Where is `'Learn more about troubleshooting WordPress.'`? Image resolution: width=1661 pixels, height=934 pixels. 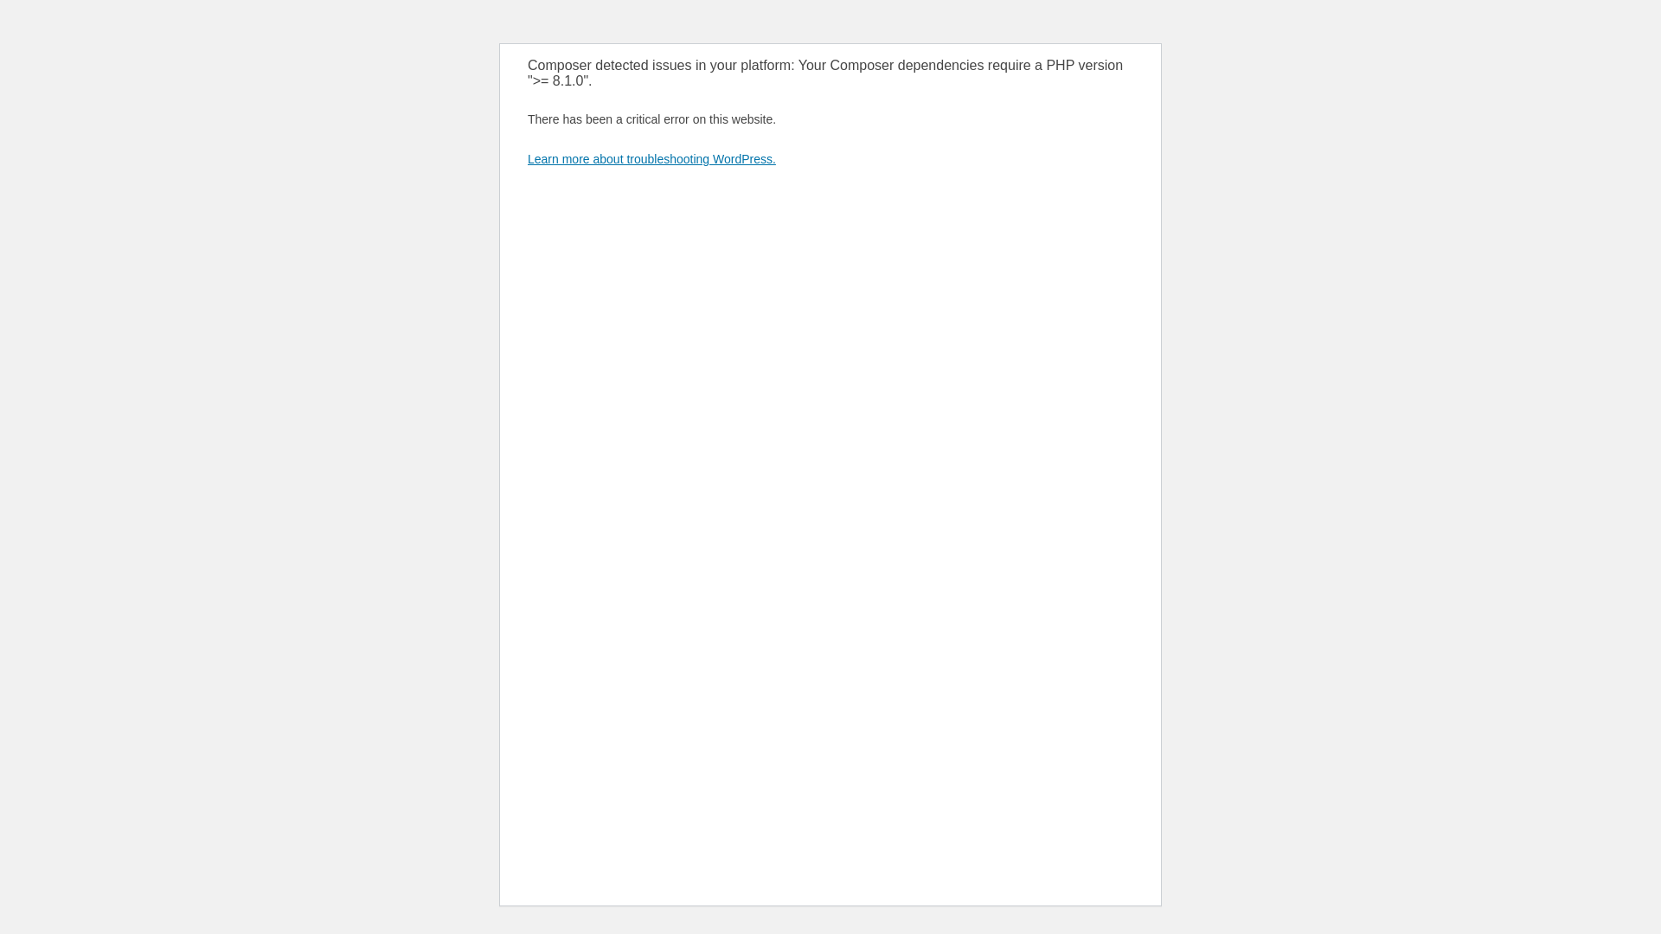
'Learn more about troubleshooting WordPress.' is located at coordinates (651, 159).